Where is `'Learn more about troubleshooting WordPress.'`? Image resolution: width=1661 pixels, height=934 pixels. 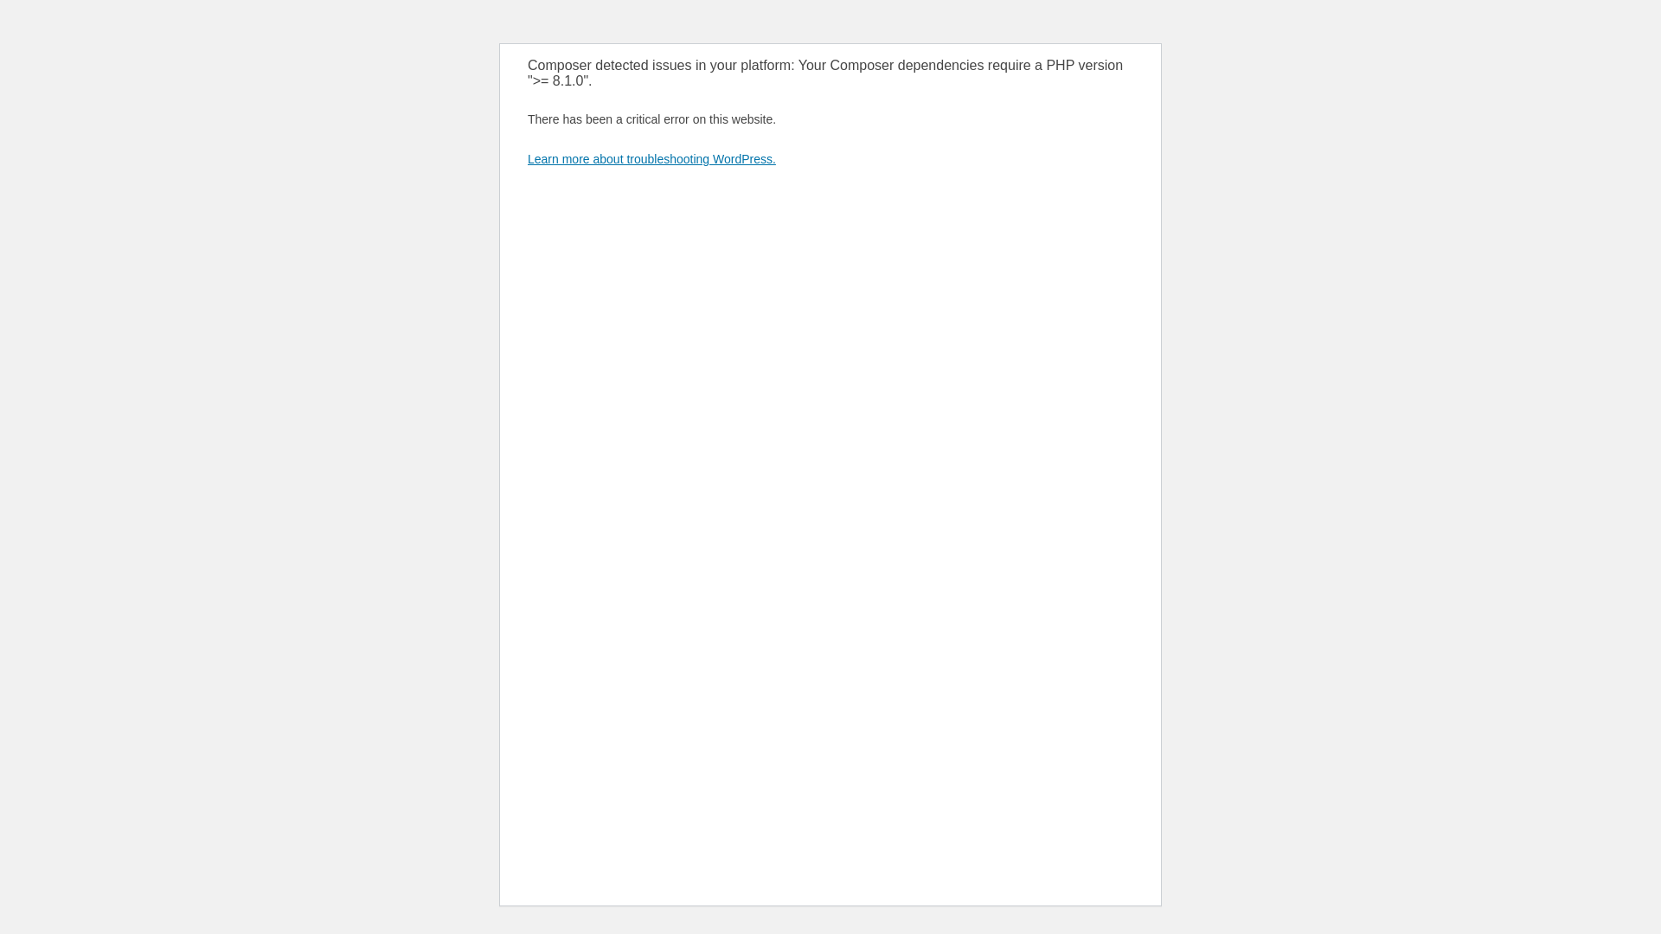
'Learn more about troubleshooting WordPress.' is located at coordinates (651, 159).